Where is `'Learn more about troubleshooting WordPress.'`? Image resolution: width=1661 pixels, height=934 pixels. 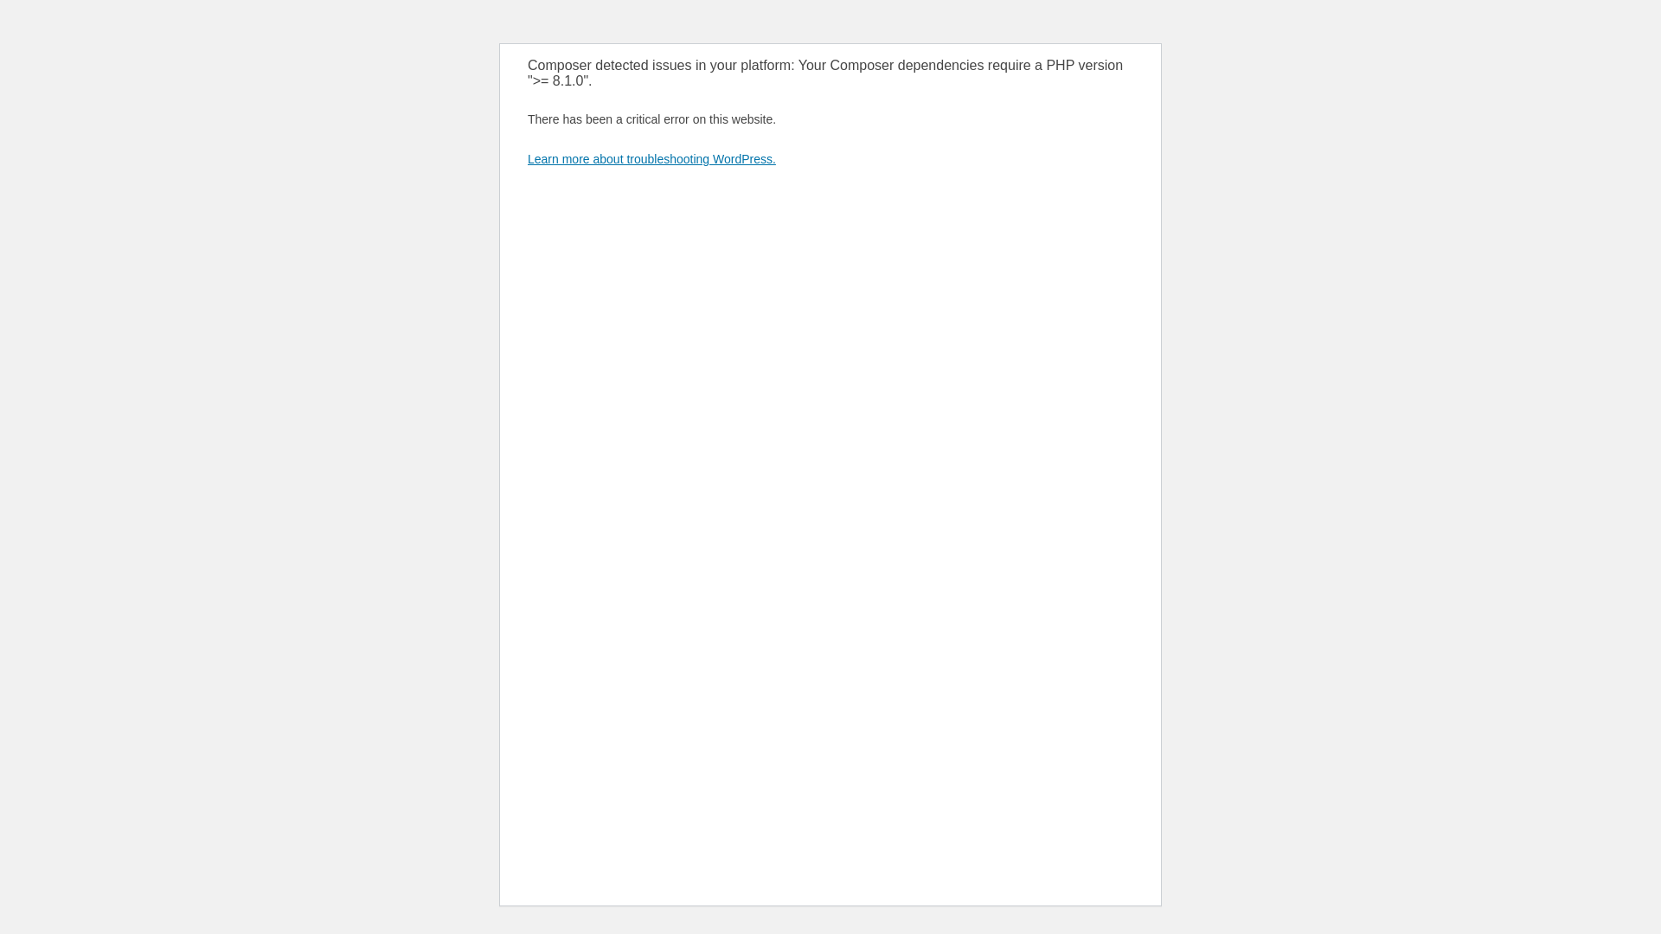
'Learn more about troubleshooting WordPress.' is located at coordinates (651, 159).